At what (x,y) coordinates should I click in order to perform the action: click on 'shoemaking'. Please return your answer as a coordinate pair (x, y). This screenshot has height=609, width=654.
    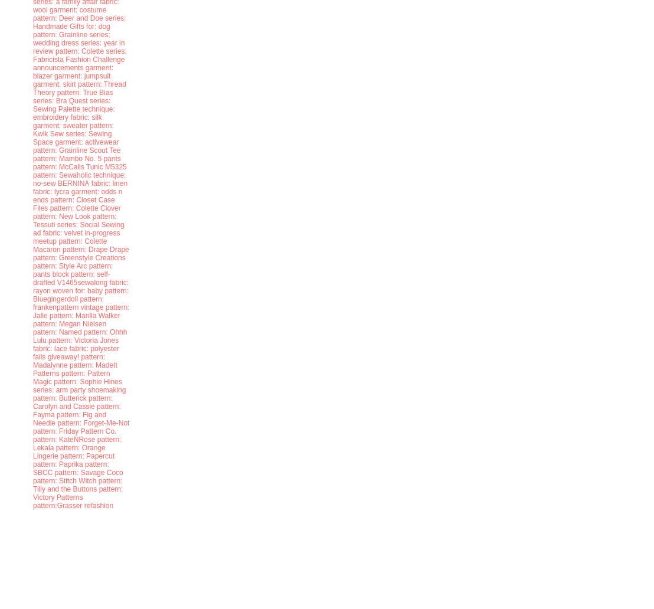
    Looking at the image, I should click on (106, 388).